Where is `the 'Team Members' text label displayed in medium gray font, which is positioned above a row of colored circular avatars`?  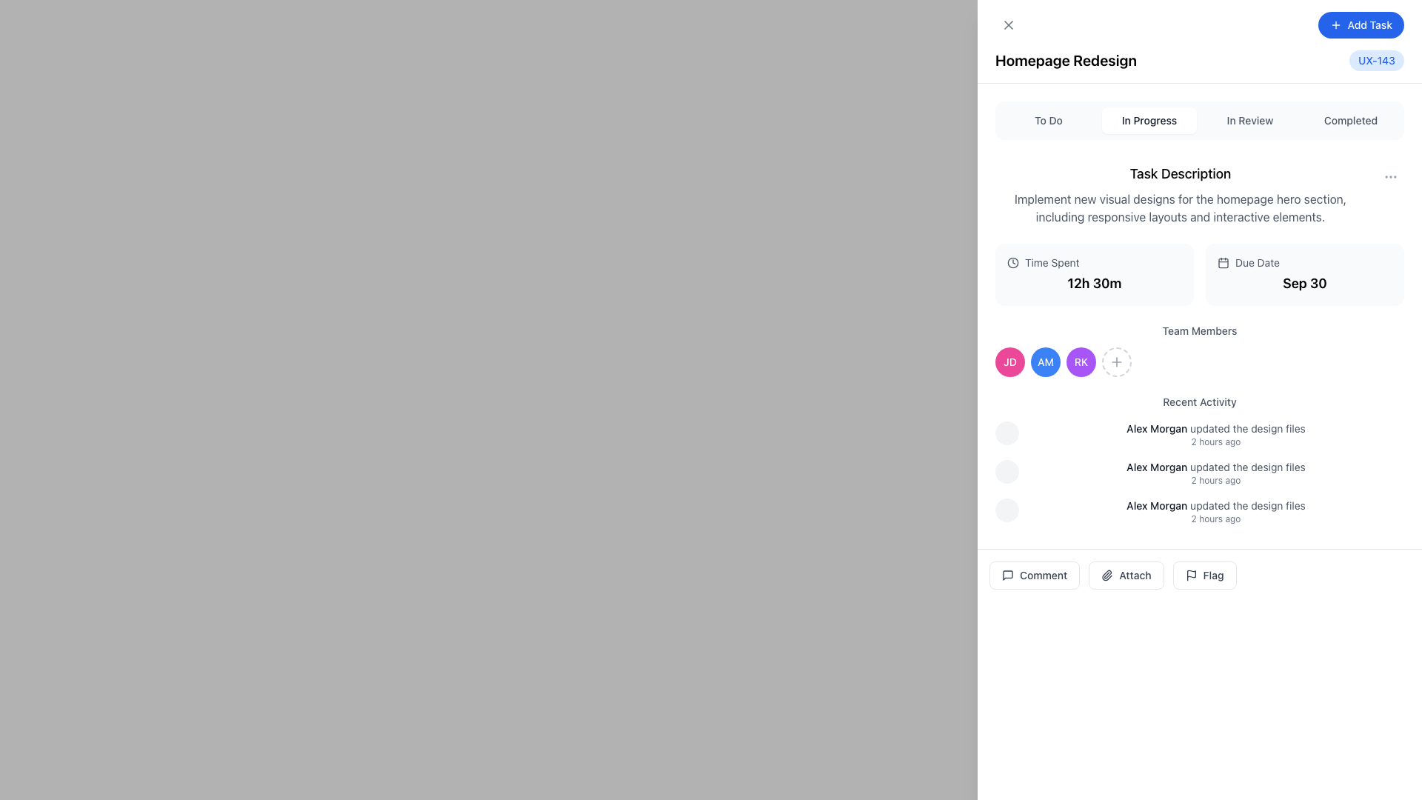 the 'Team Members' text label displayed in medium gray font, which is positioned above a row of colored circular avatars is located at coordinates (1200, 330).